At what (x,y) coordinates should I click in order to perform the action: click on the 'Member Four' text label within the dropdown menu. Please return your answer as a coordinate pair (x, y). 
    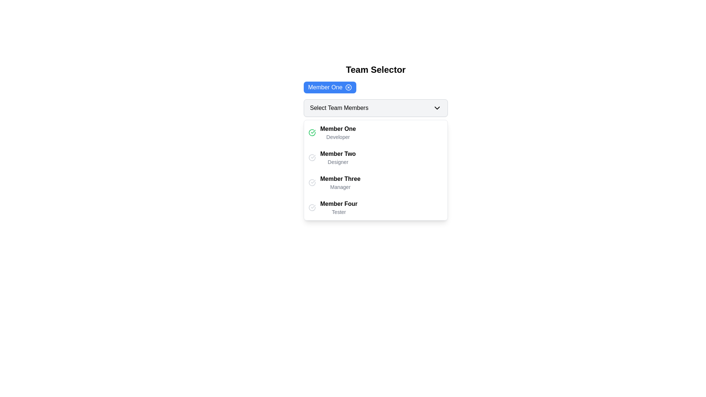
    Looking at the image, I should click on (338, 204).